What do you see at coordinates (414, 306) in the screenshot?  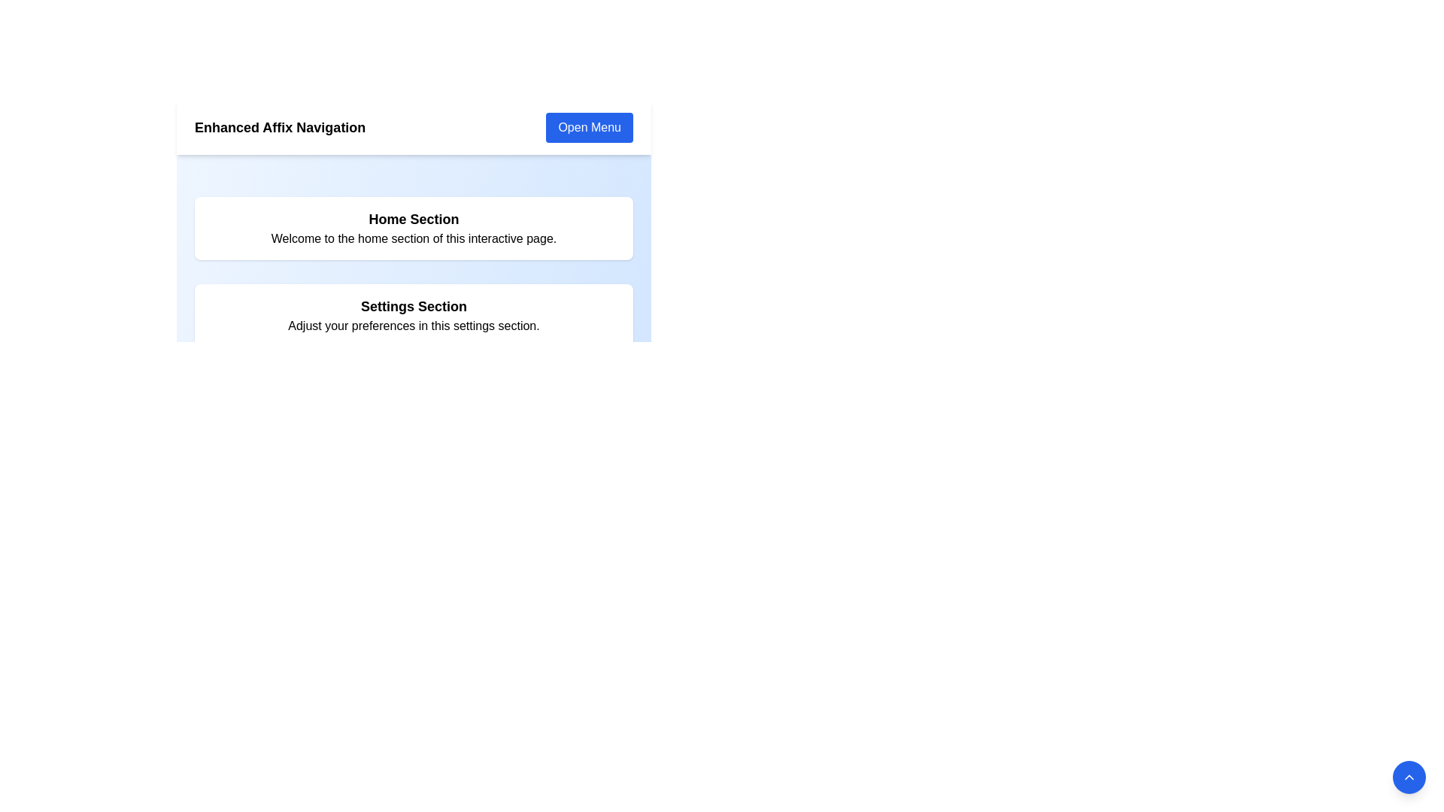 I see `text content of the header labeled 'Settings Section', which is a bold, large font element positioned at the top of the settings panel` at bounding box center [414, 306].